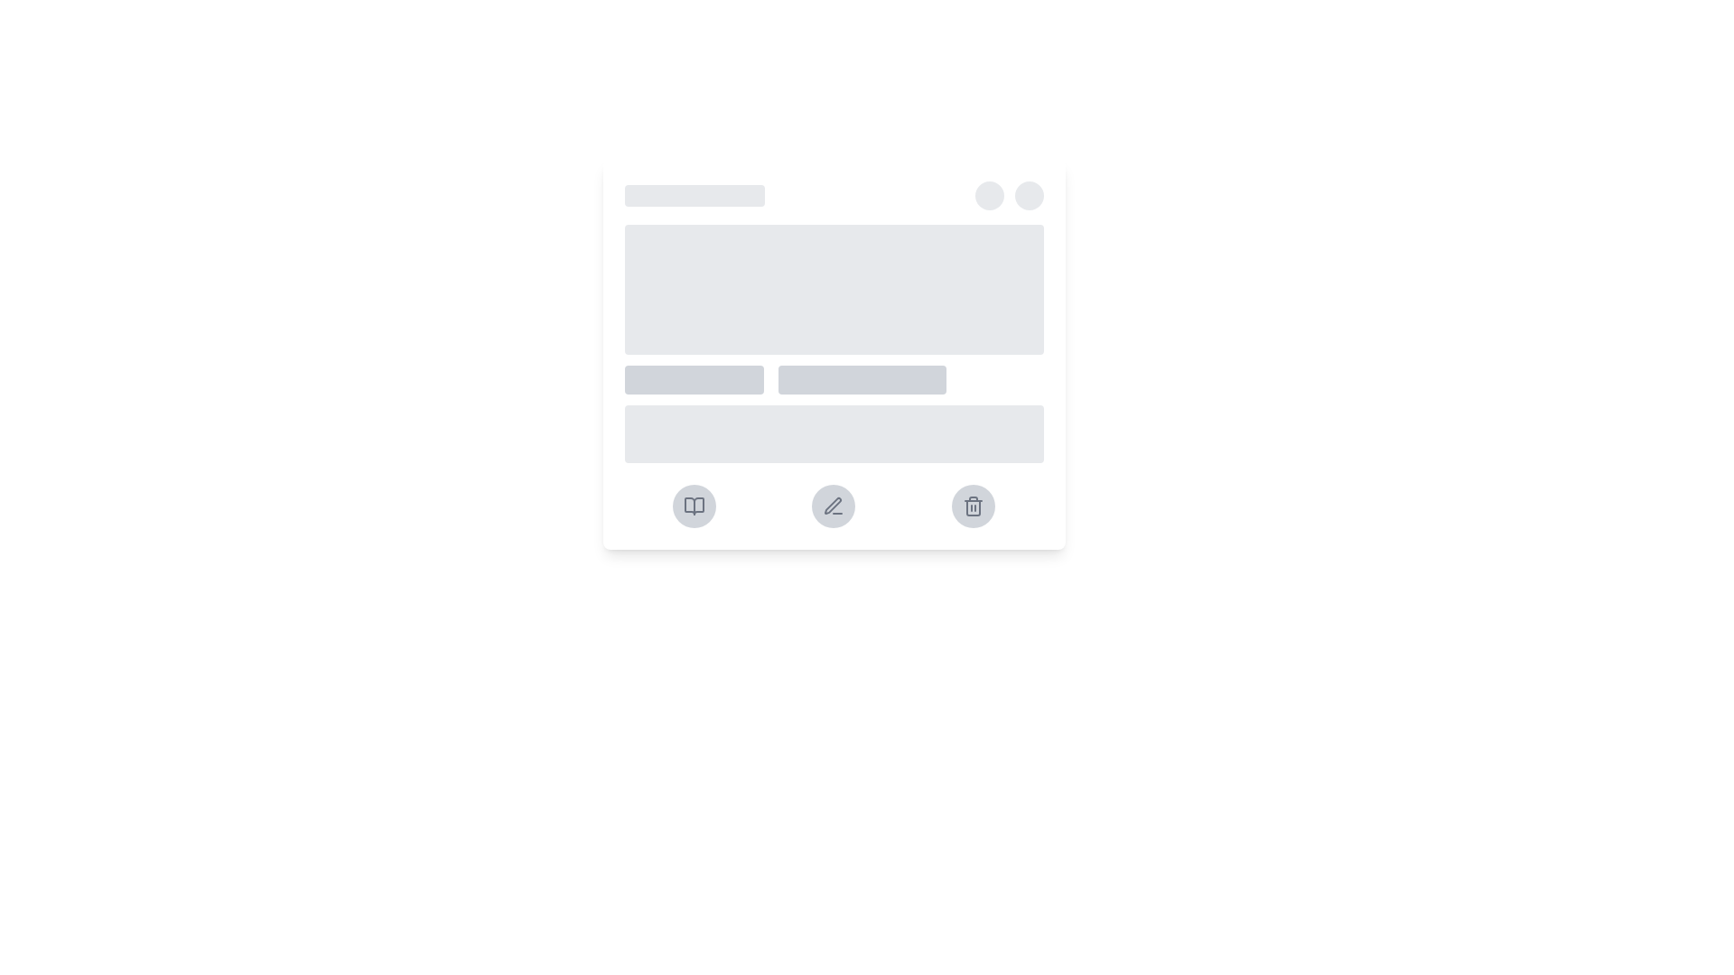 Image resolution: width=1734 pixels, height=975 pixels. I want to click on the stylized pen icon, which is part of the action button in the bottom row of buttons, so click(832, 506).